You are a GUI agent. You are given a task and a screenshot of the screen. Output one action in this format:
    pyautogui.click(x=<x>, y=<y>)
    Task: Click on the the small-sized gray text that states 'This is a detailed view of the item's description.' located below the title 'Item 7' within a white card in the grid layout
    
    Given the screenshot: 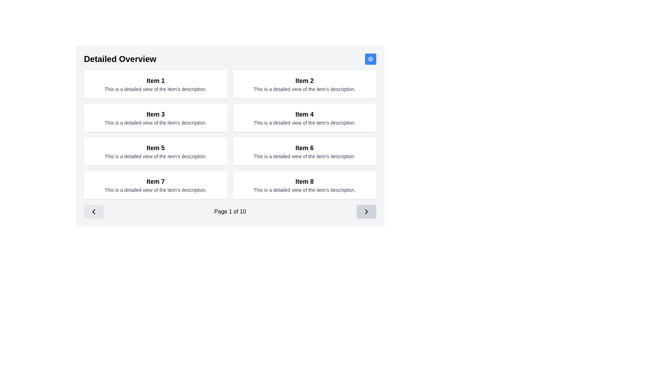 What is the action you would take?
    pyautogui.click(x=155, y=190)
    